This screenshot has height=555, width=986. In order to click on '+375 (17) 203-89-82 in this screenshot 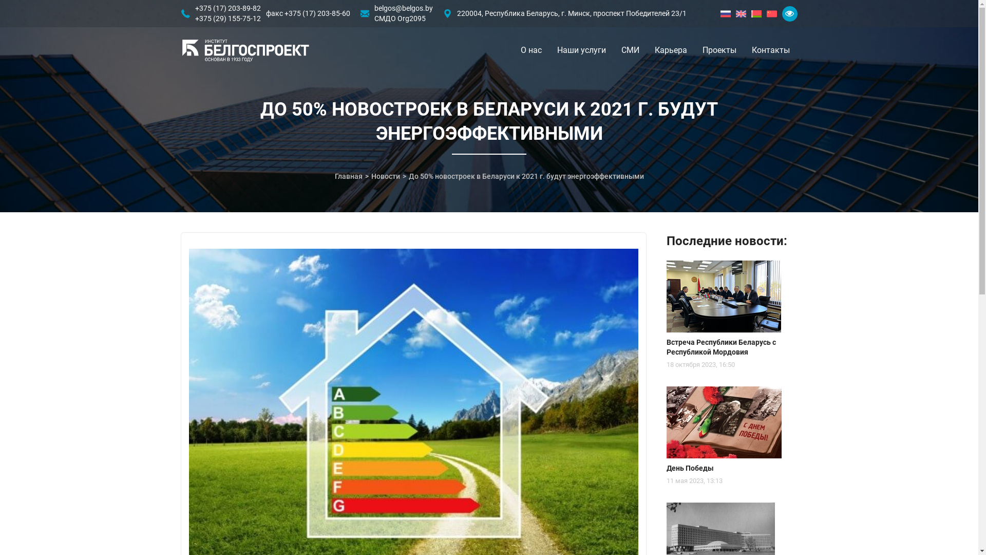, I will do `click(227, 13)`.